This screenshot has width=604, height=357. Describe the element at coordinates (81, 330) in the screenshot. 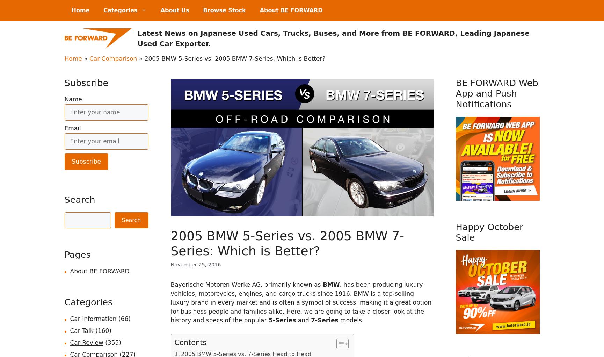

I see `'Car Talk'` at that location.